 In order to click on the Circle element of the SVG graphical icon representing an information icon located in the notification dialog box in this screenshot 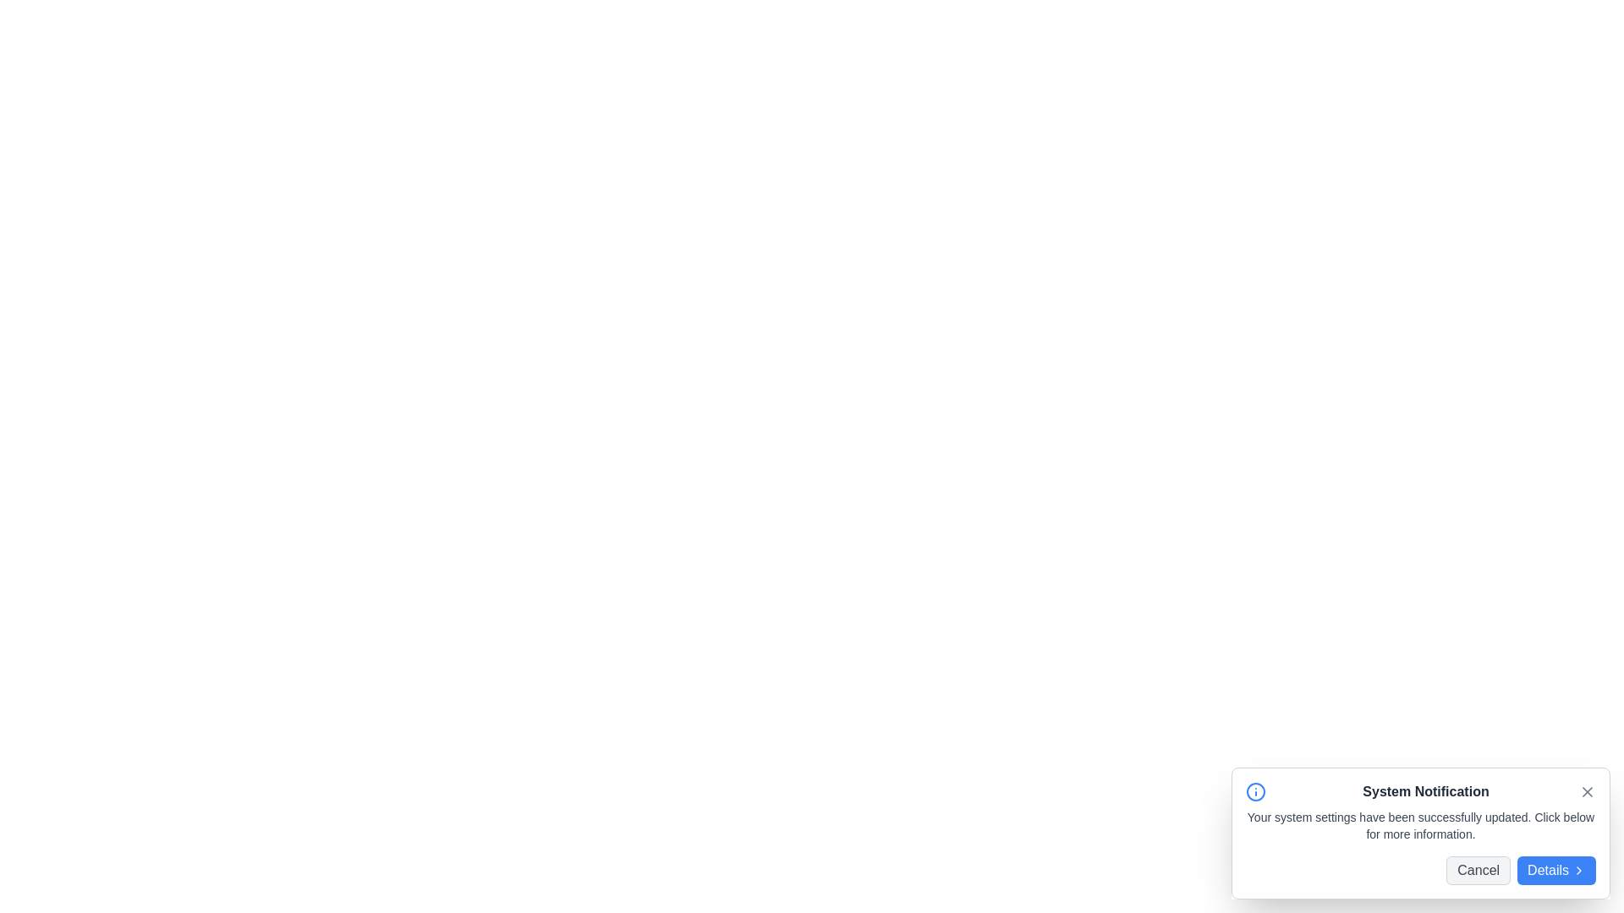, I will do `click(1255, 792)`.